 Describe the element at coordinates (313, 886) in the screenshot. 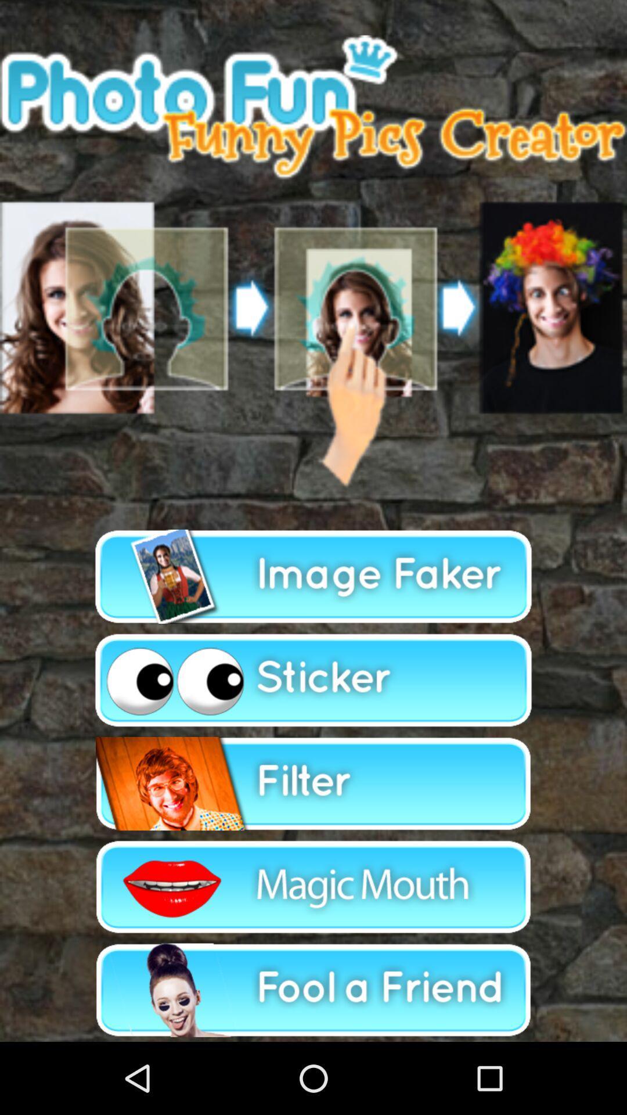

I see `magic mouth` at that location.